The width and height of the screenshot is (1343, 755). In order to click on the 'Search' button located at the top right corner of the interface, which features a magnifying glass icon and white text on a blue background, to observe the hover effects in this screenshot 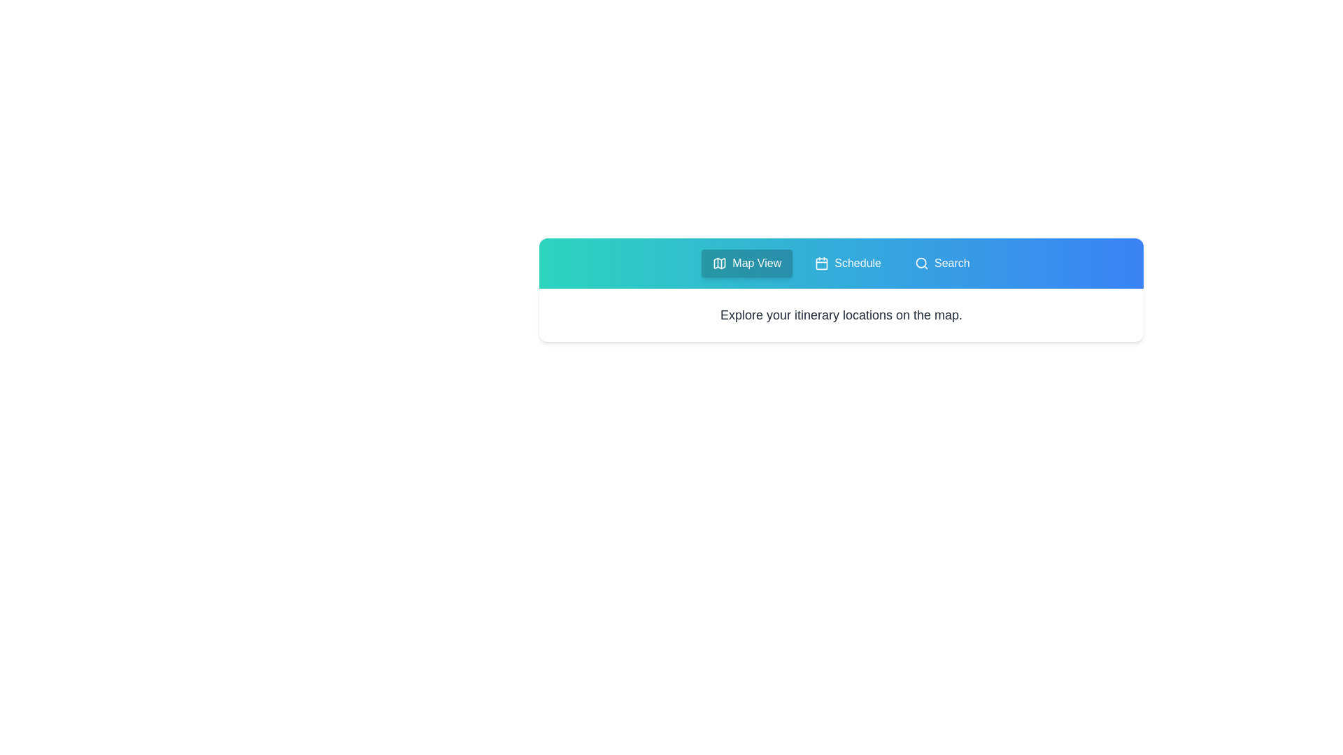, I will do `click(942, 264)`.